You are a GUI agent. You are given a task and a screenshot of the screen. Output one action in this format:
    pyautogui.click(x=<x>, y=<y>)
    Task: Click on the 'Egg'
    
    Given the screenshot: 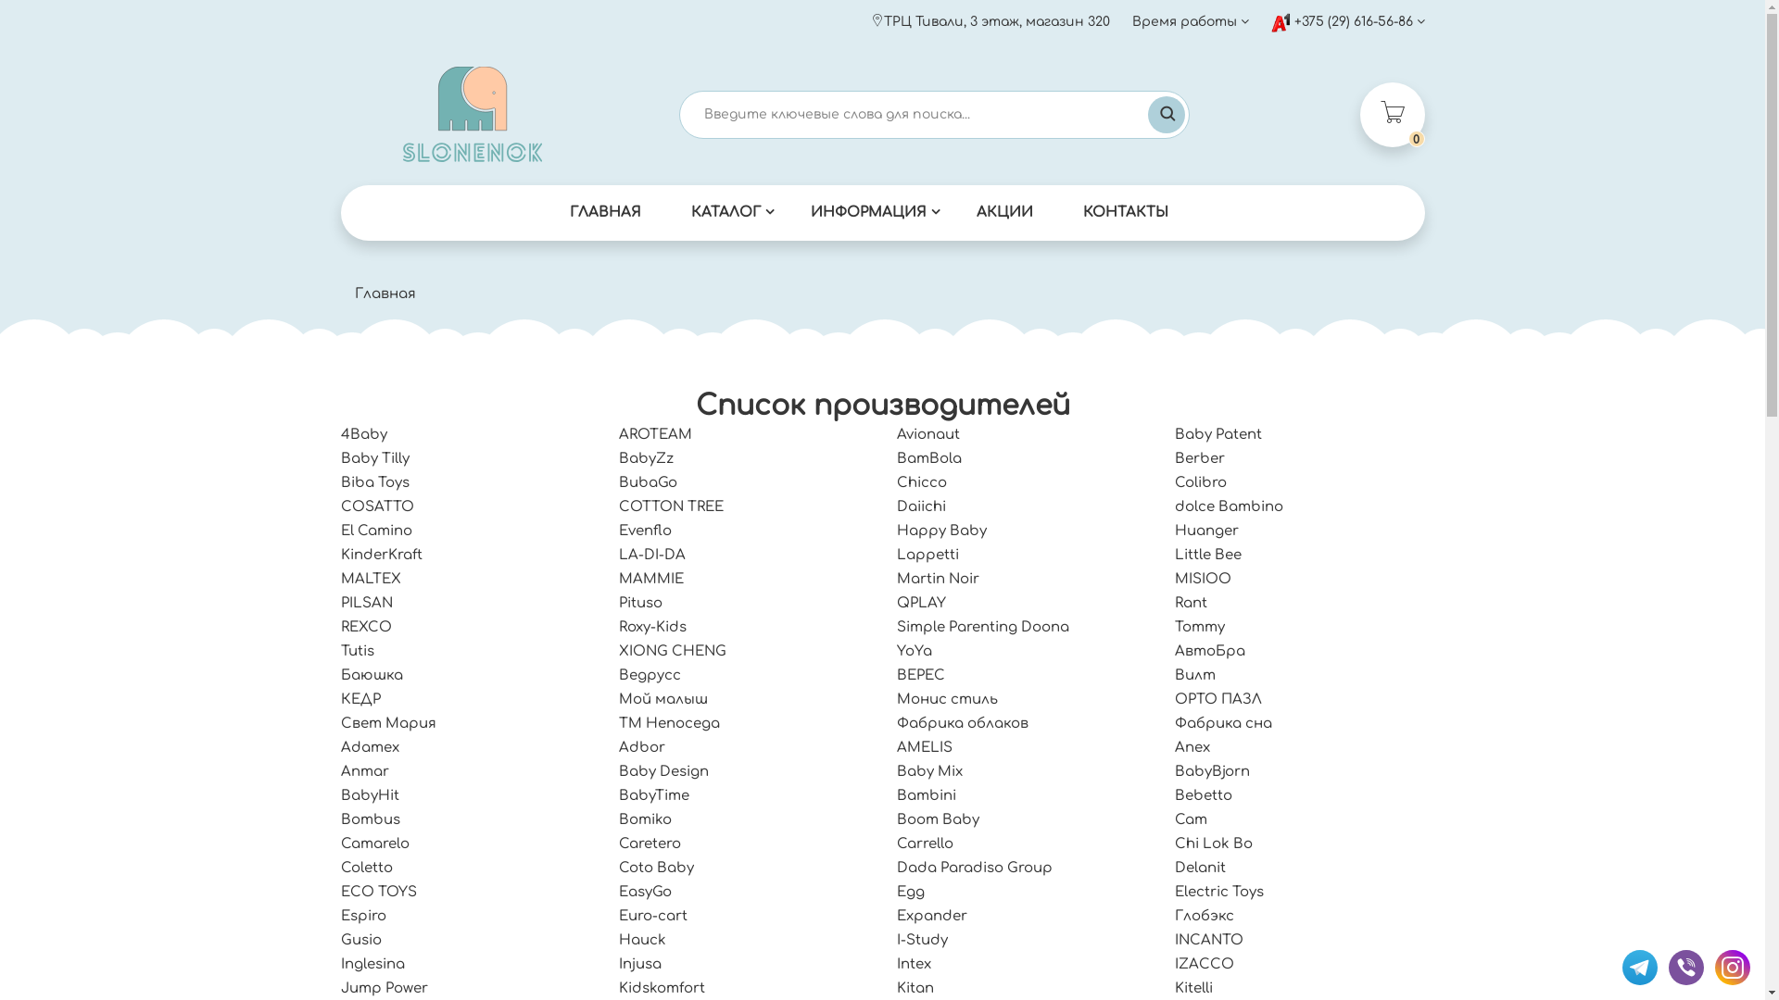 What is the action you would take?
    pyautogui.click(x=911, y=891)
    